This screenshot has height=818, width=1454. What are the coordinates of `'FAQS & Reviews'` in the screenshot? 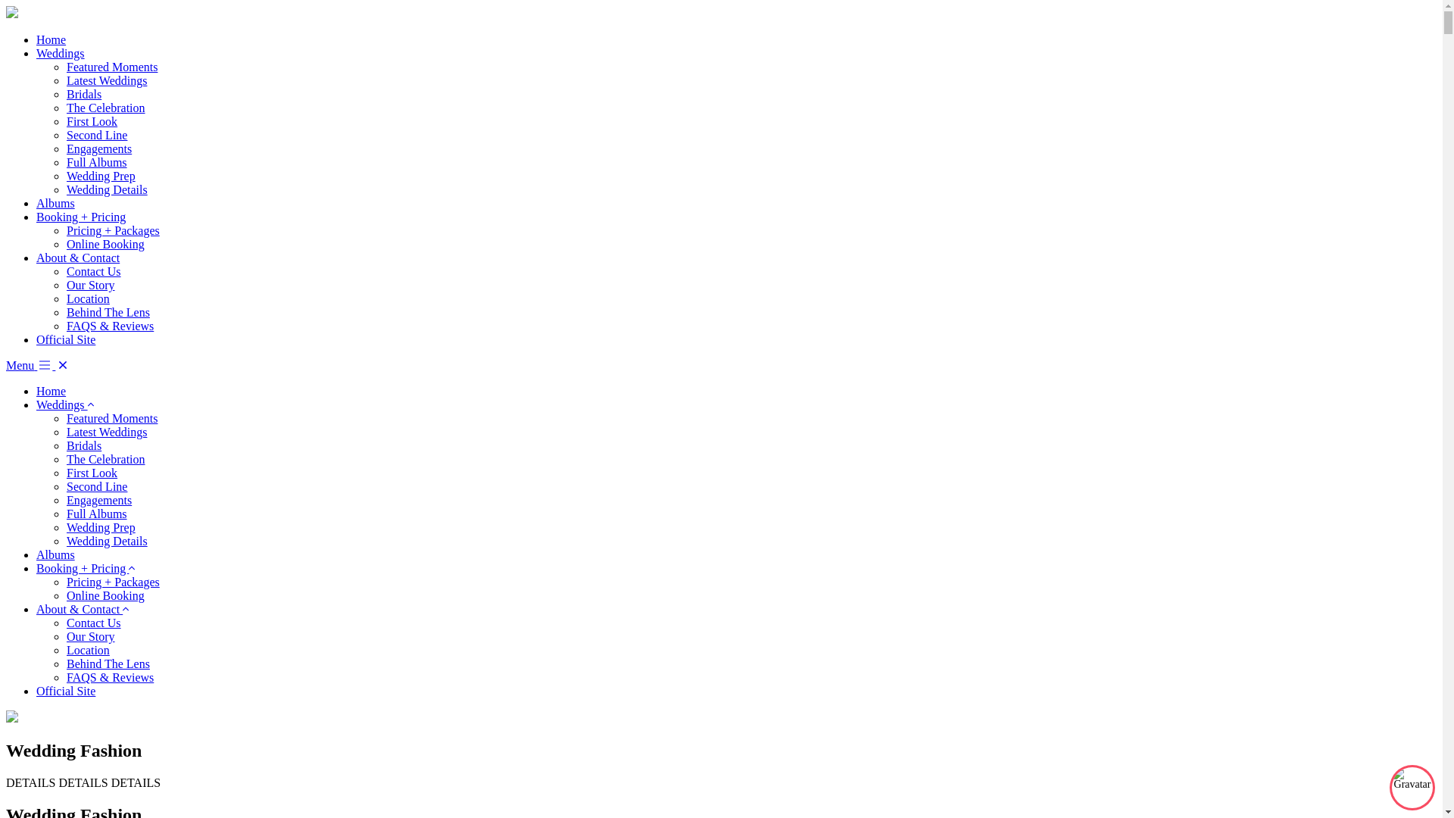 It's located at (109, 325).